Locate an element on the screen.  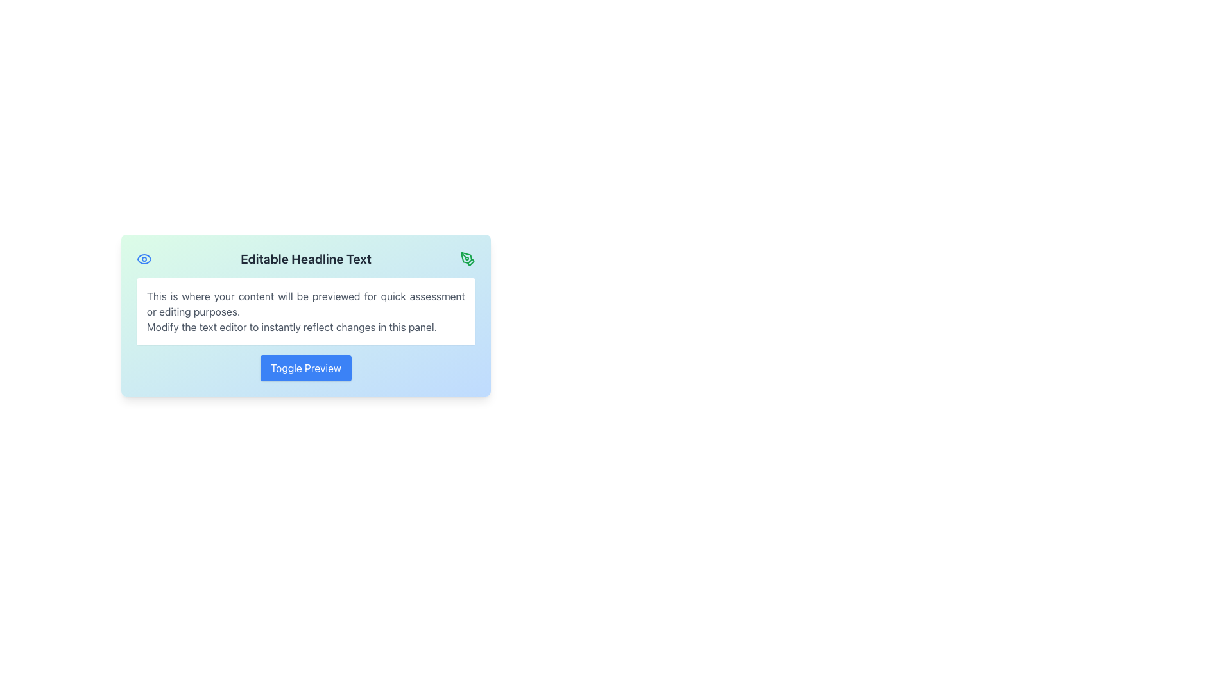
the static text display element that shows 'Editable Headline Text', which is centrally aligned and appears in bold and larger font at the upper center of the panel is located at coordinates (305, 259).